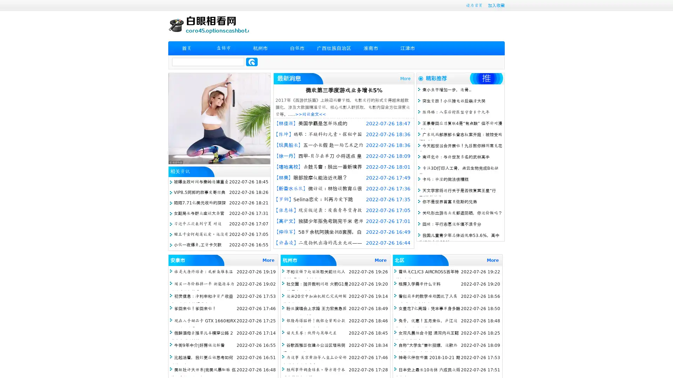  I want to click on Search, so click(252, 62).